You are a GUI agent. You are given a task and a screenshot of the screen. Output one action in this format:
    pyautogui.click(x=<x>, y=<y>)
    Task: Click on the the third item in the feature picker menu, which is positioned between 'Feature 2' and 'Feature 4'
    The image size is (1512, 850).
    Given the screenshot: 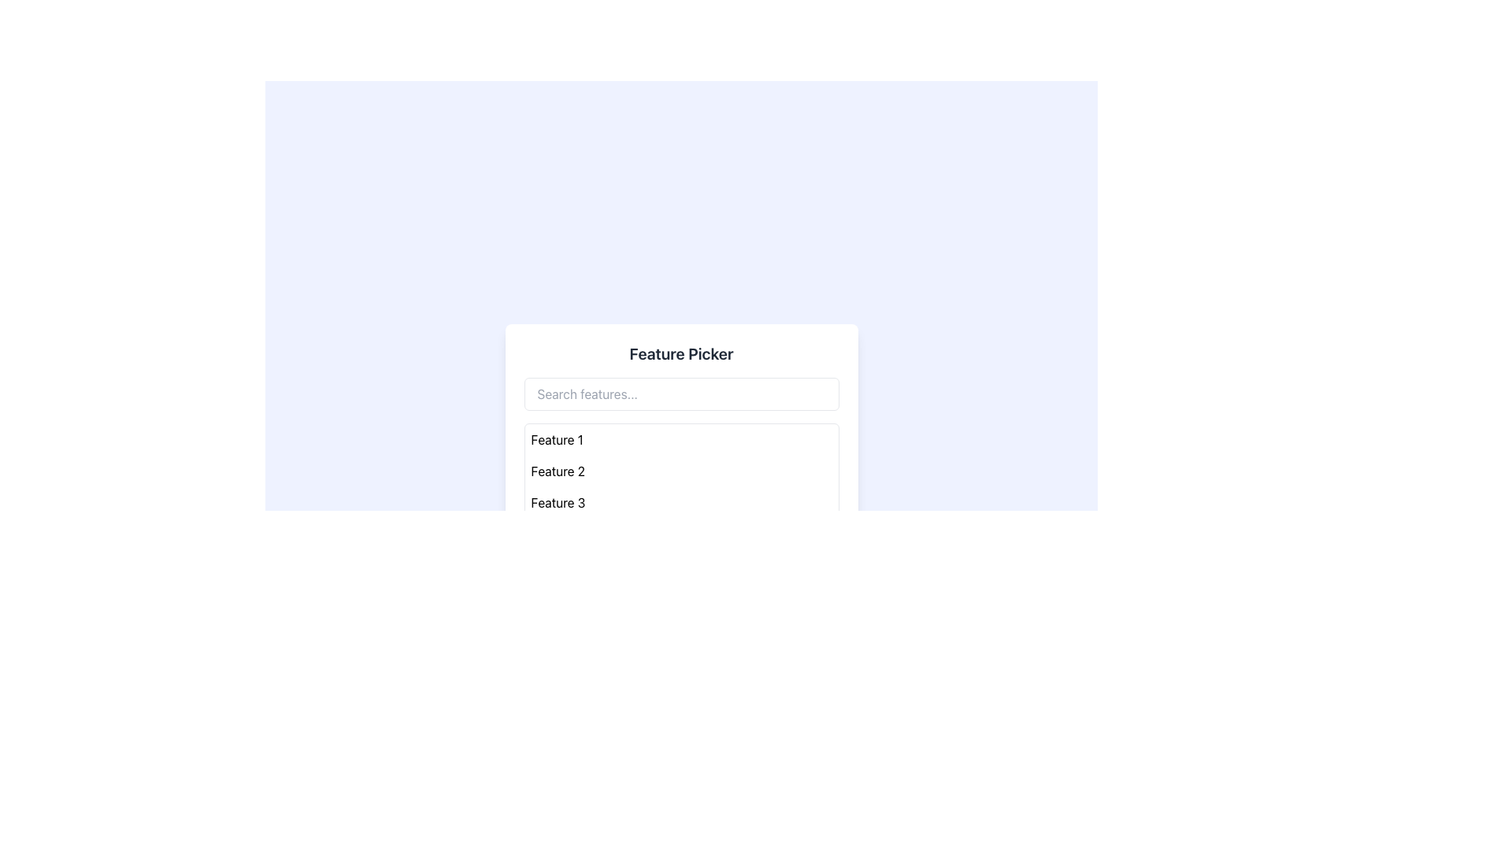 What is the action you would take?
    pyautogui.click(x=681, y=503)
    